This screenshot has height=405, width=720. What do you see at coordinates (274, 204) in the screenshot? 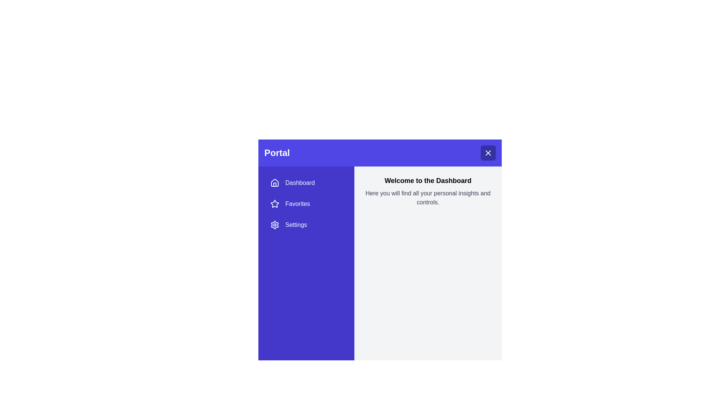
I see `the 'Favorites' icon located in the left sidebar, which is the second icon next to the 'Favorites' label` at bounding box center [274, 204].